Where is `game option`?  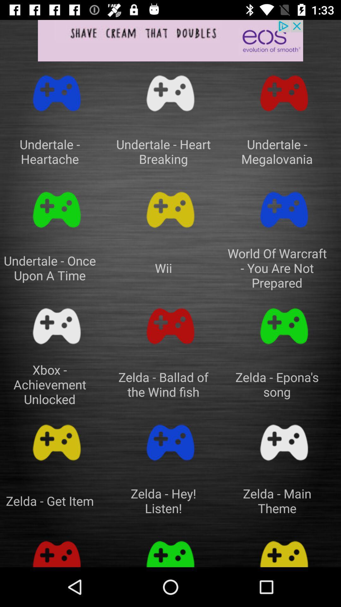
game option is located at coordinates (284, 550).